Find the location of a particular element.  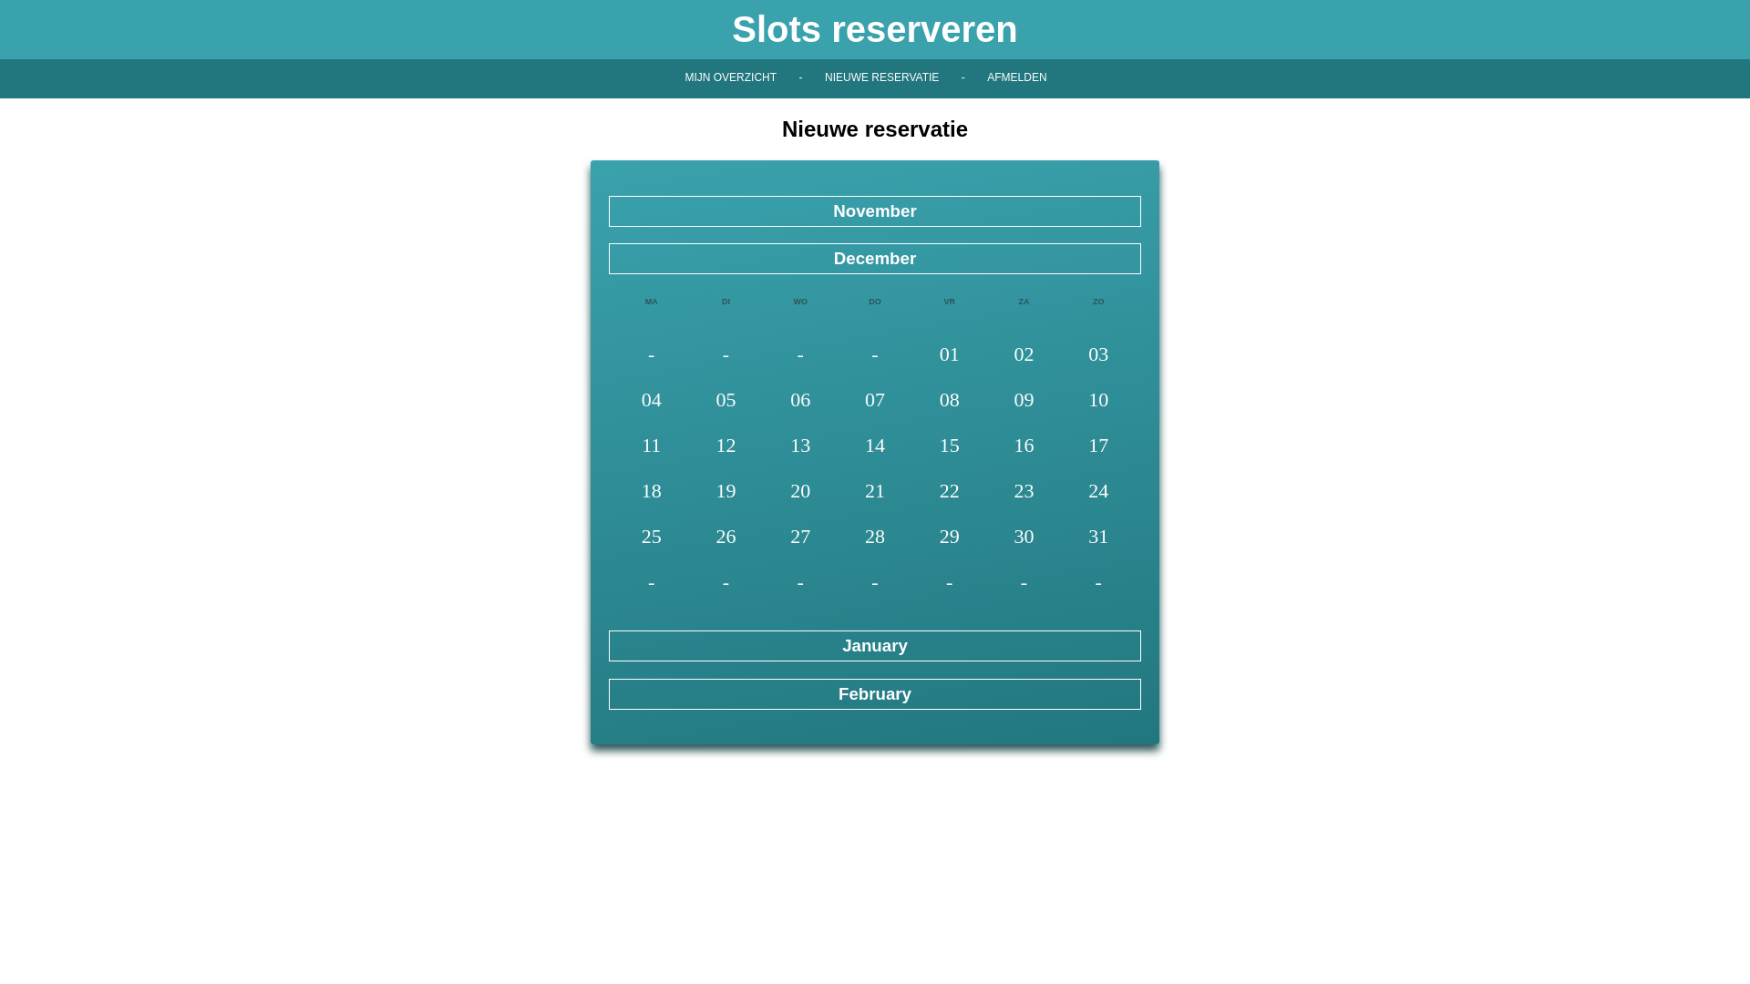

'November' is located at coordinates (875, 210).